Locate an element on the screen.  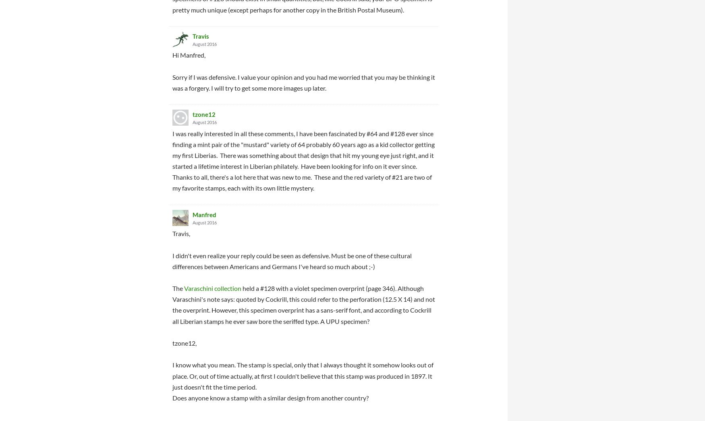
'held a #128 with a violet specimen overprint (page 346). Although Varaschini's note says: quoted by Cockrill, this could refer to the perforation (12.5 X 14) and not the overprint. However, this specimen overprint has a sans-serif font, and according to Cockrill all Liberian stamps he ever saw bore the seriffed type. A UPU specimen?' is located at coordinates (303, 304).